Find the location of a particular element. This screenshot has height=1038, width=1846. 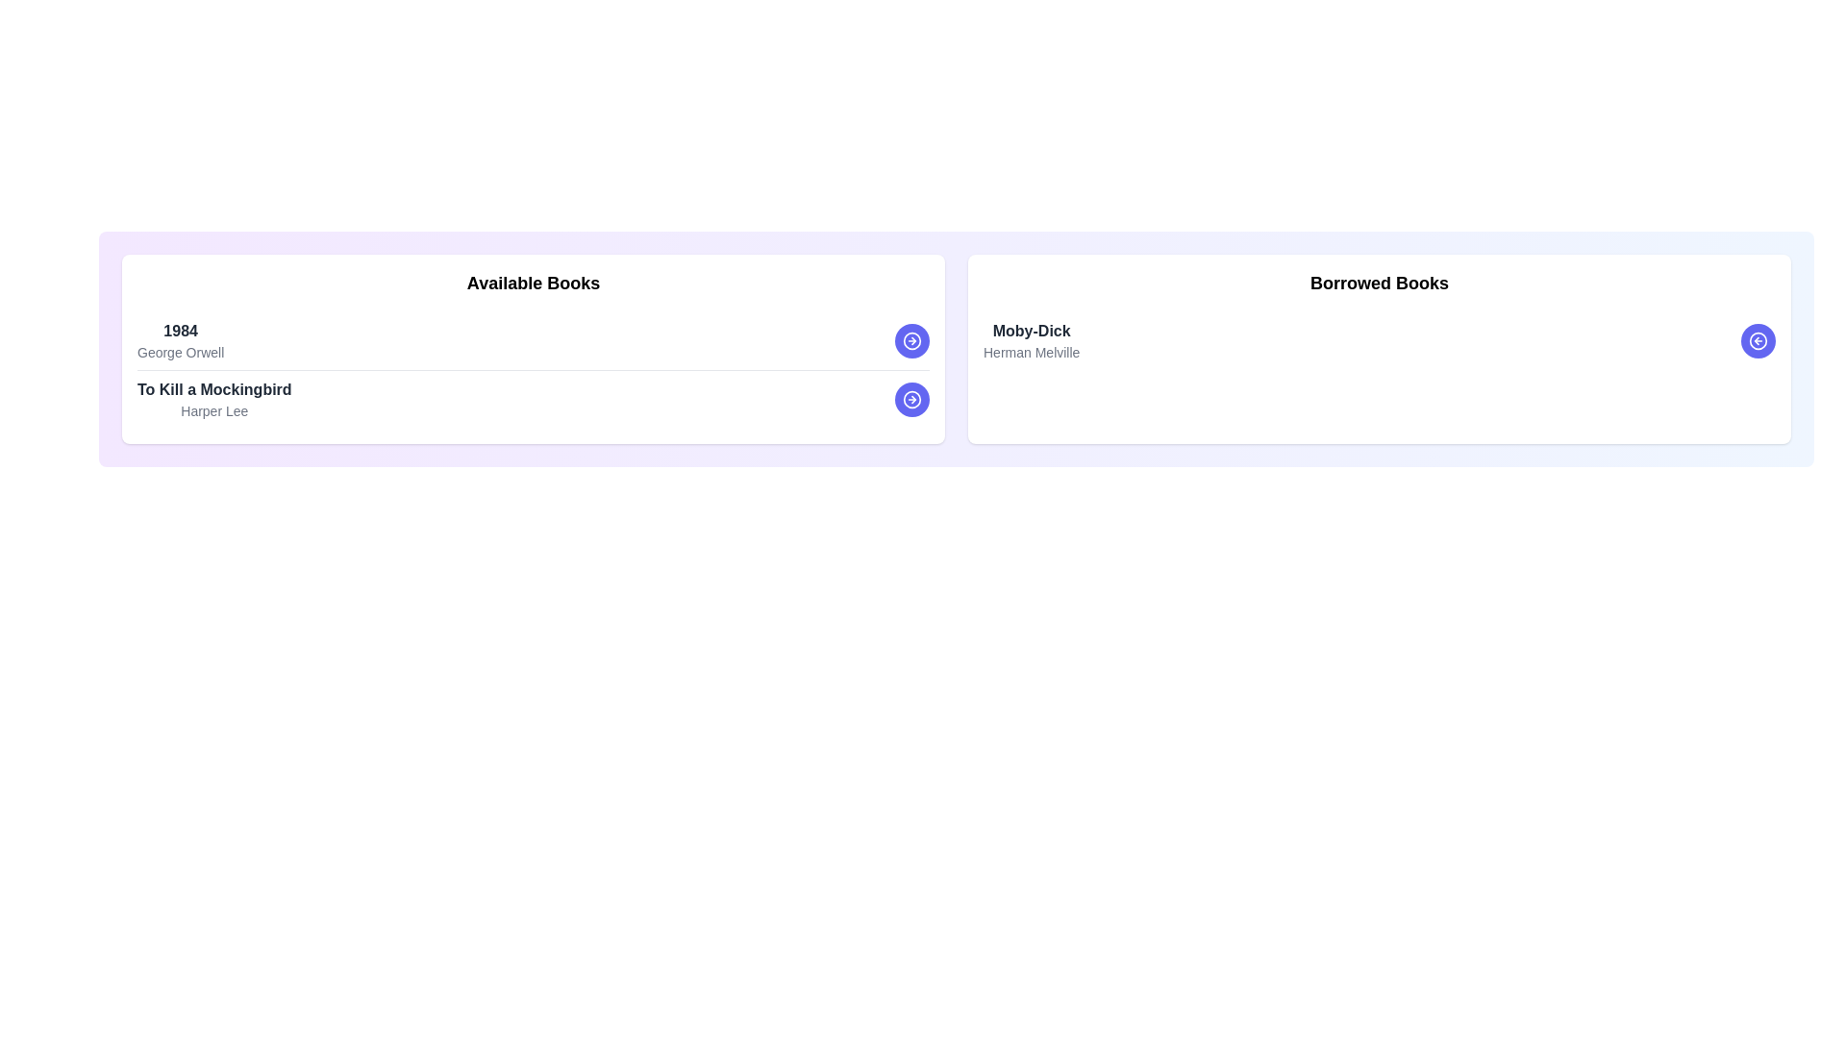

'Transfer Book' button for the book titled To Kill a Mockingbird is located at coordinates (911, 399).